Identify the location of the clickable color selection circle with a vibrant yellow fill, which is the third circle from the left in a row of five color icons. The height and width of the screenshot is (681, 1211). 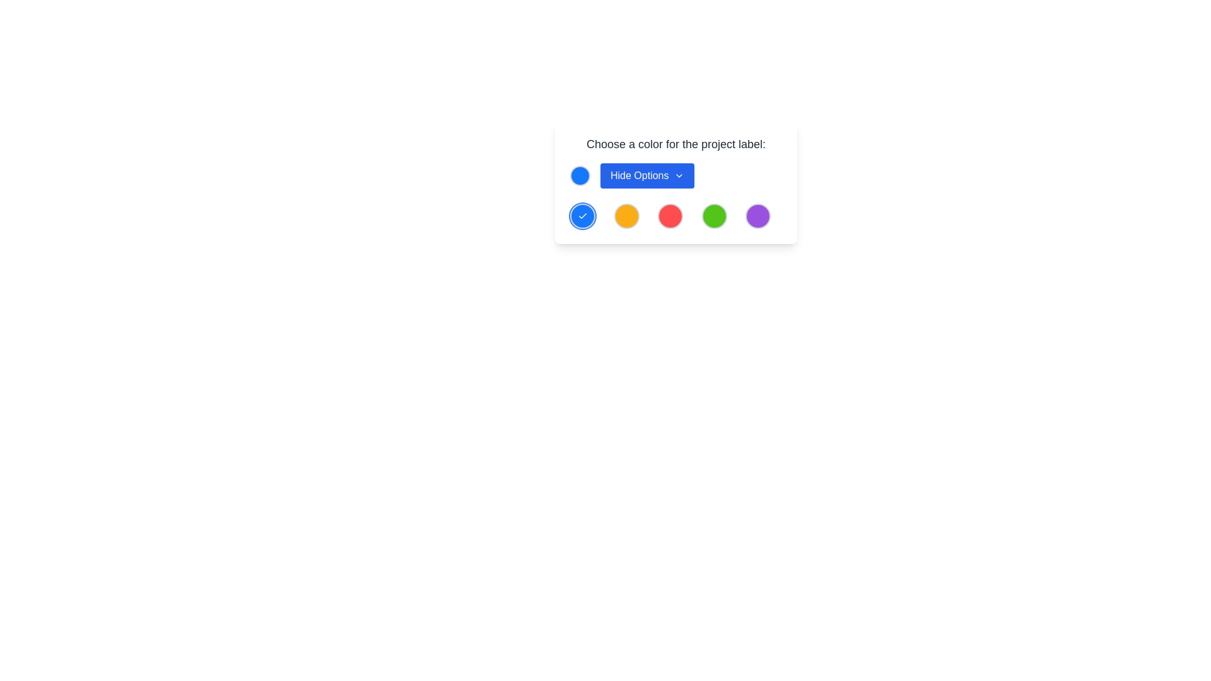
(626, 216).